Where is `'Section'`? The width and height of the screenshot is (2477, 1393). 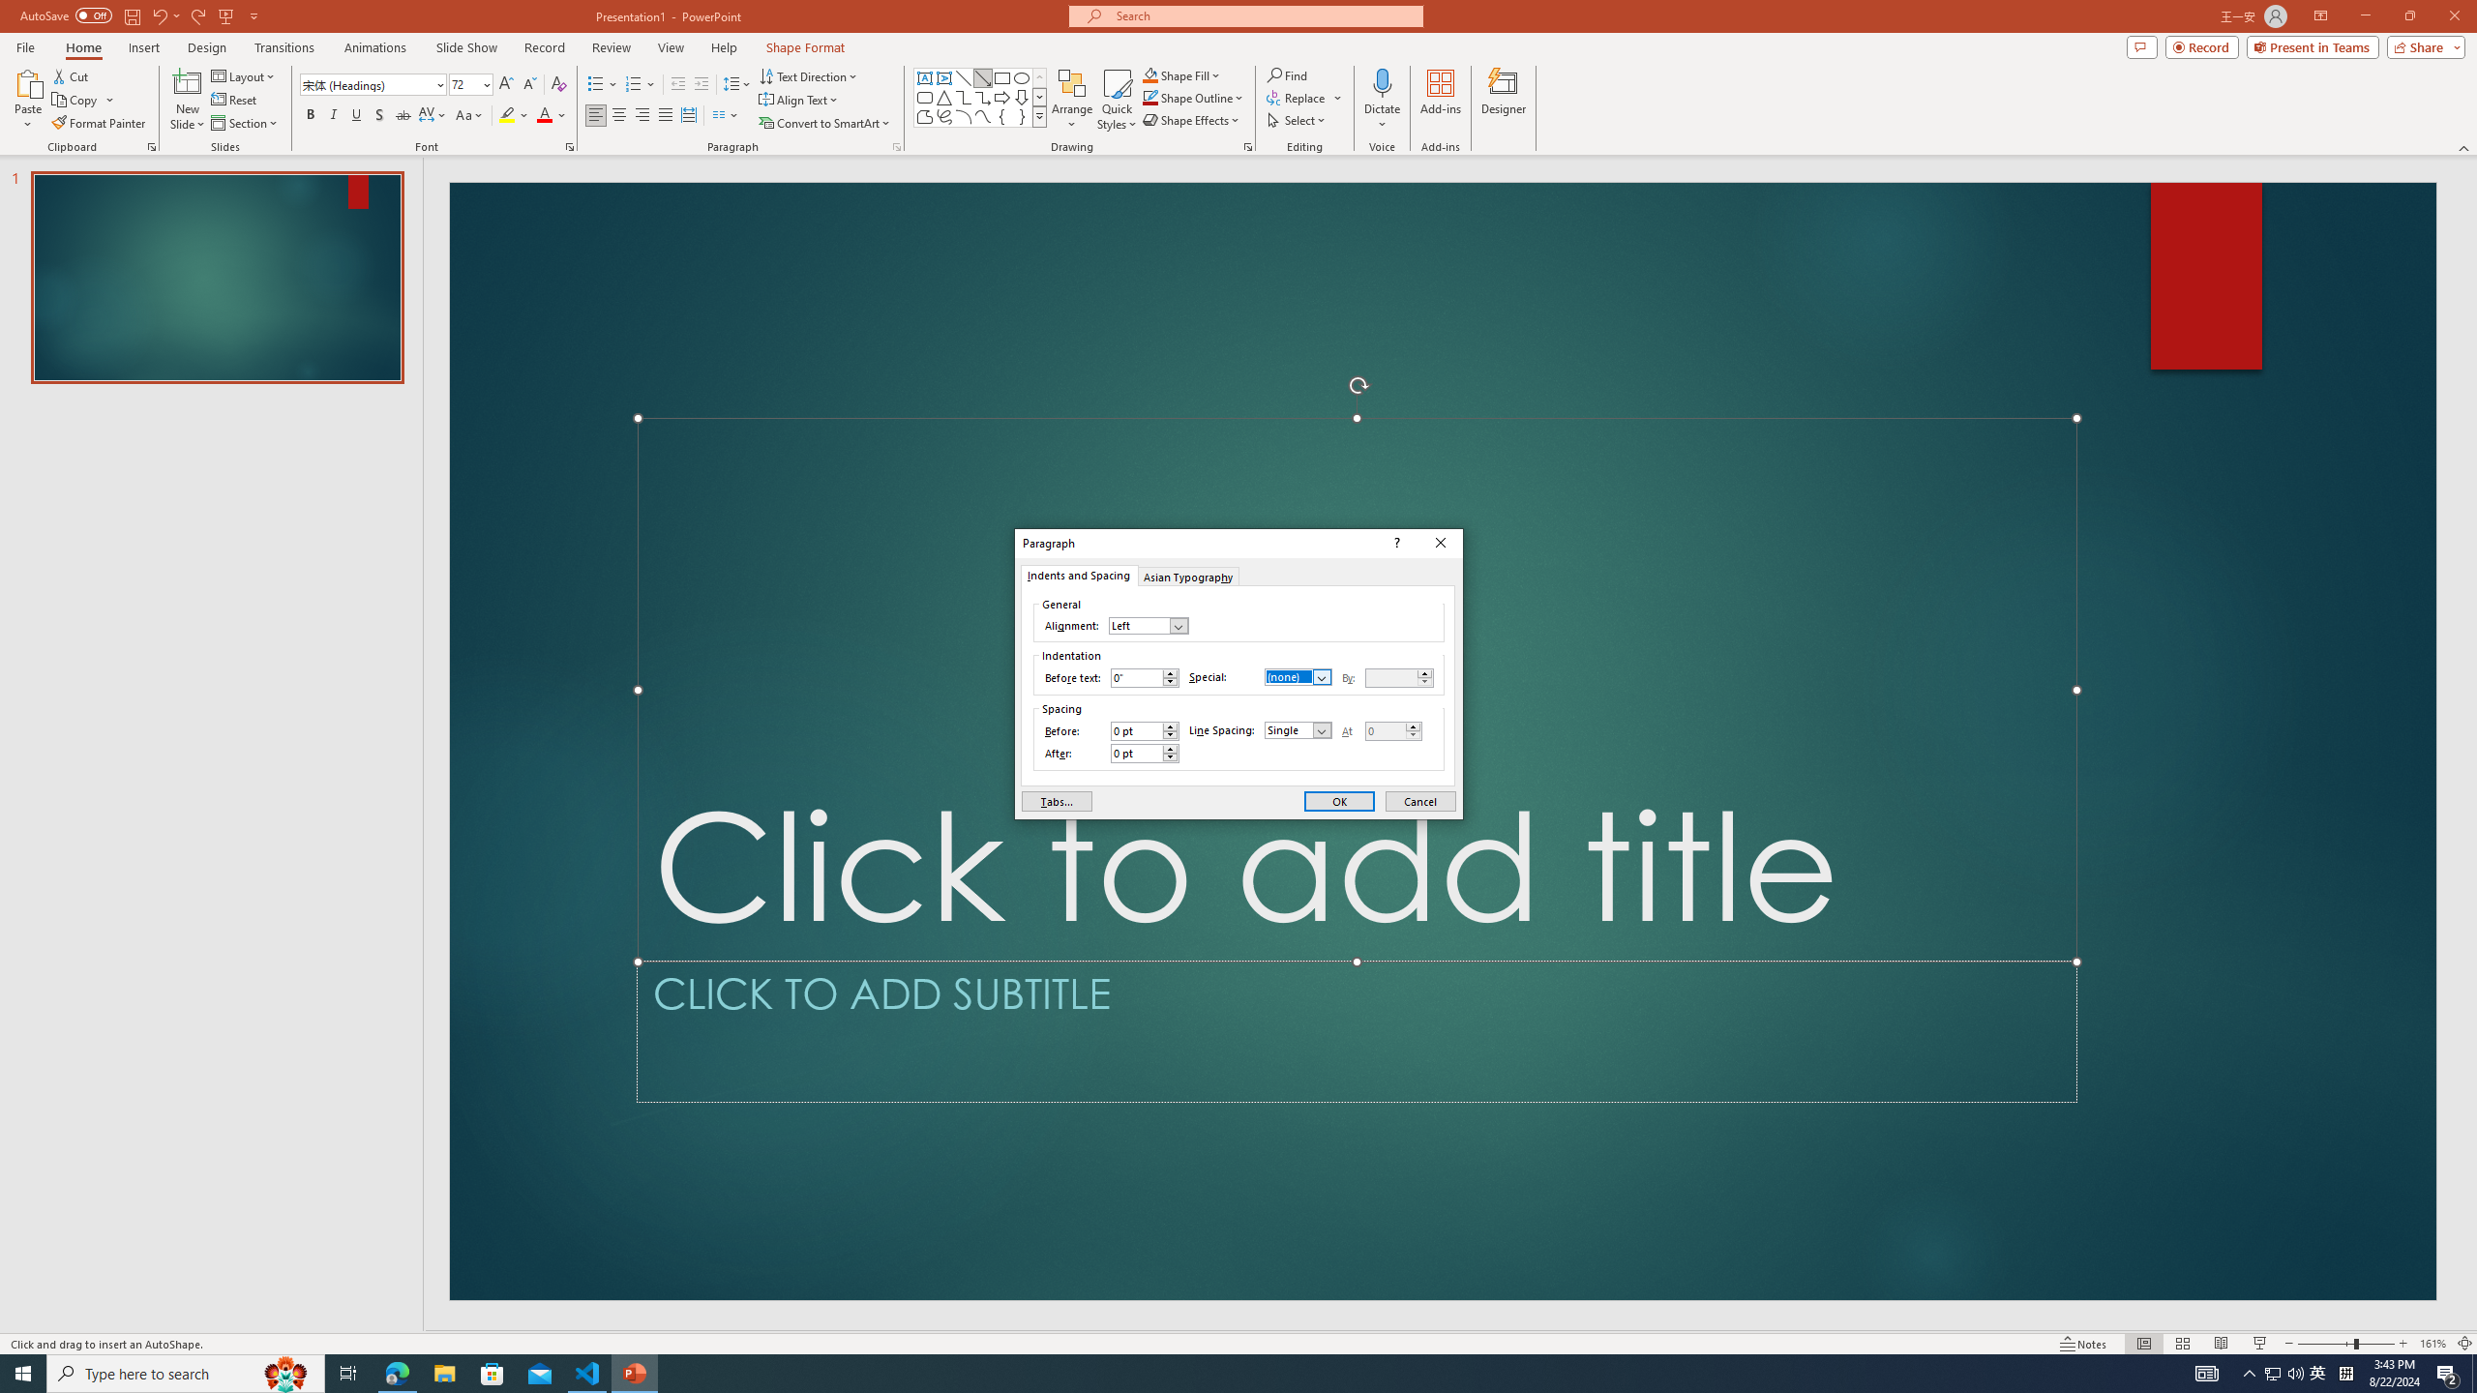
'Section' is located at coordinates (245, 123).